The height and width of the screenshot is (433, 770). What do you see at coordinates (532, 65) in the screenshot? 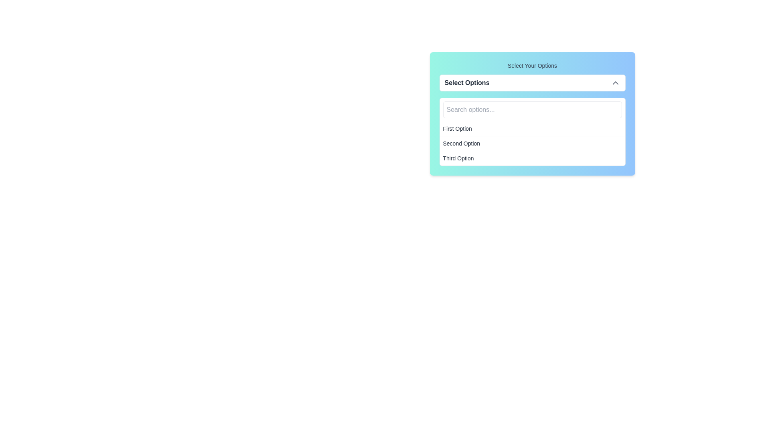
I see `the text label that serves as a heading or label for the options selection form, located at the top of the card with a gradient background and rounded corners` at bounding box center [532, 65].